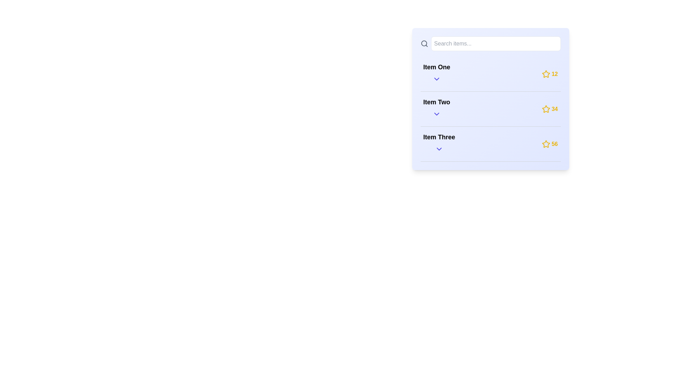 The image size is (673, 378). What do you see at coordinates (424, 43) in the screenshot?
I see `the search icon to focus on the search bar` at bounding box center [424, 43].